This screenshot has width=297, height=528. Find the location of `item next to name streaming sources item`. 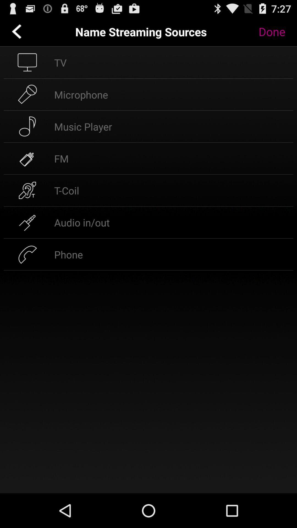

item next to name streaming sources item is located at coordinates (276, 31).